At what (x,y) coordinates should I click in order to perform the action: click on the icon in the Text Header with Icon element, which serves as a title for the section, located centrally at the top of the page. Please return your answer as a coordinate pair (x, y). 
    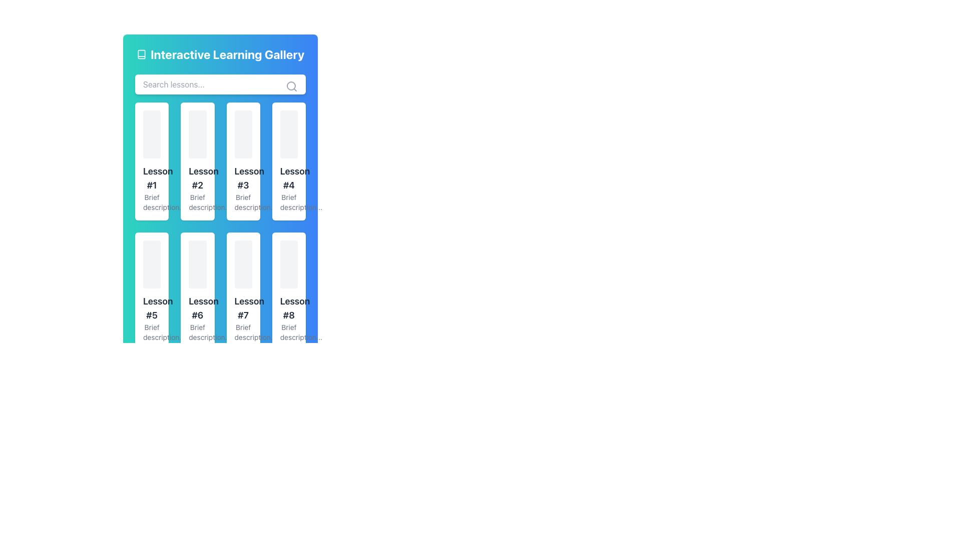
    Looking at the image, I should click on (220, 54).